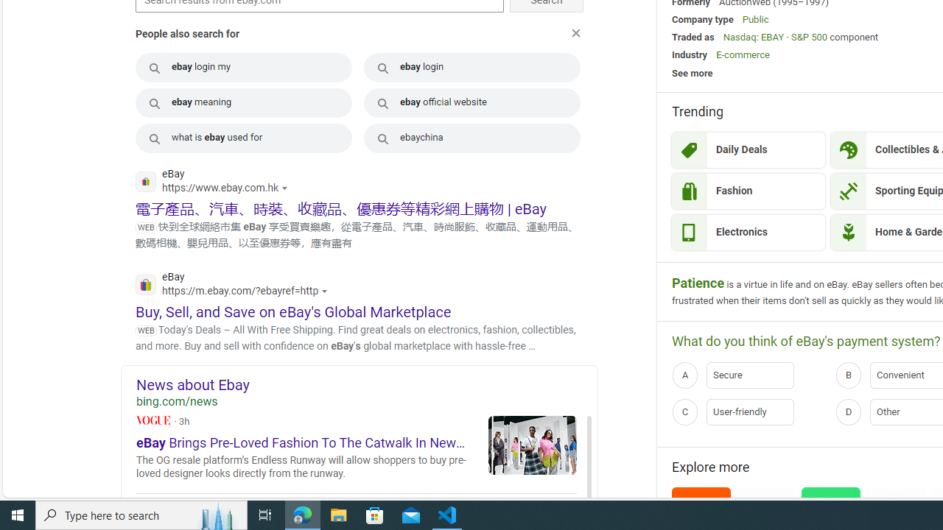 This screenshot has width=943, height=530. What do you see at coordinates (748, 232) in the screenshot?
I see `'Electronics'` at bounding box center [748, 232].